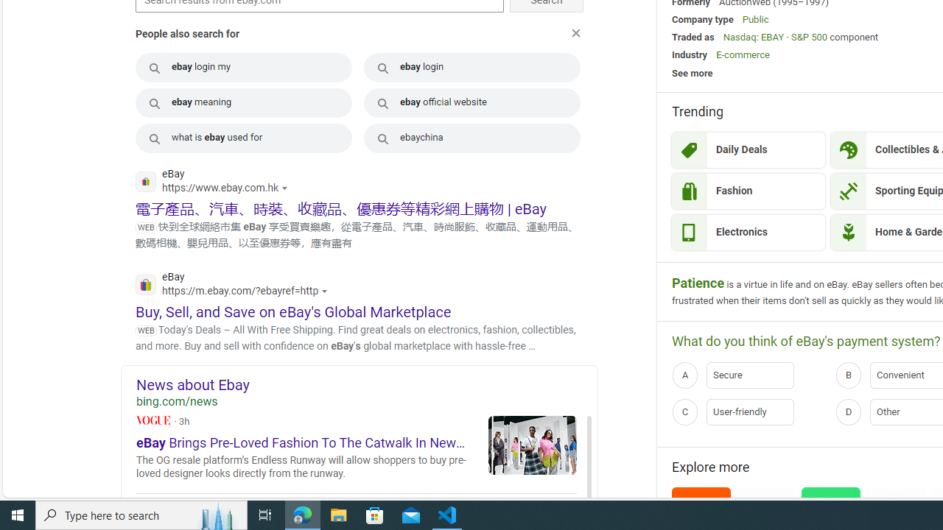 This screenshot has width=943, height=530. What do you see at coordinates (748, 232) in the screenshot?
I see `'Electronics'` at bounding box center [748, 232].